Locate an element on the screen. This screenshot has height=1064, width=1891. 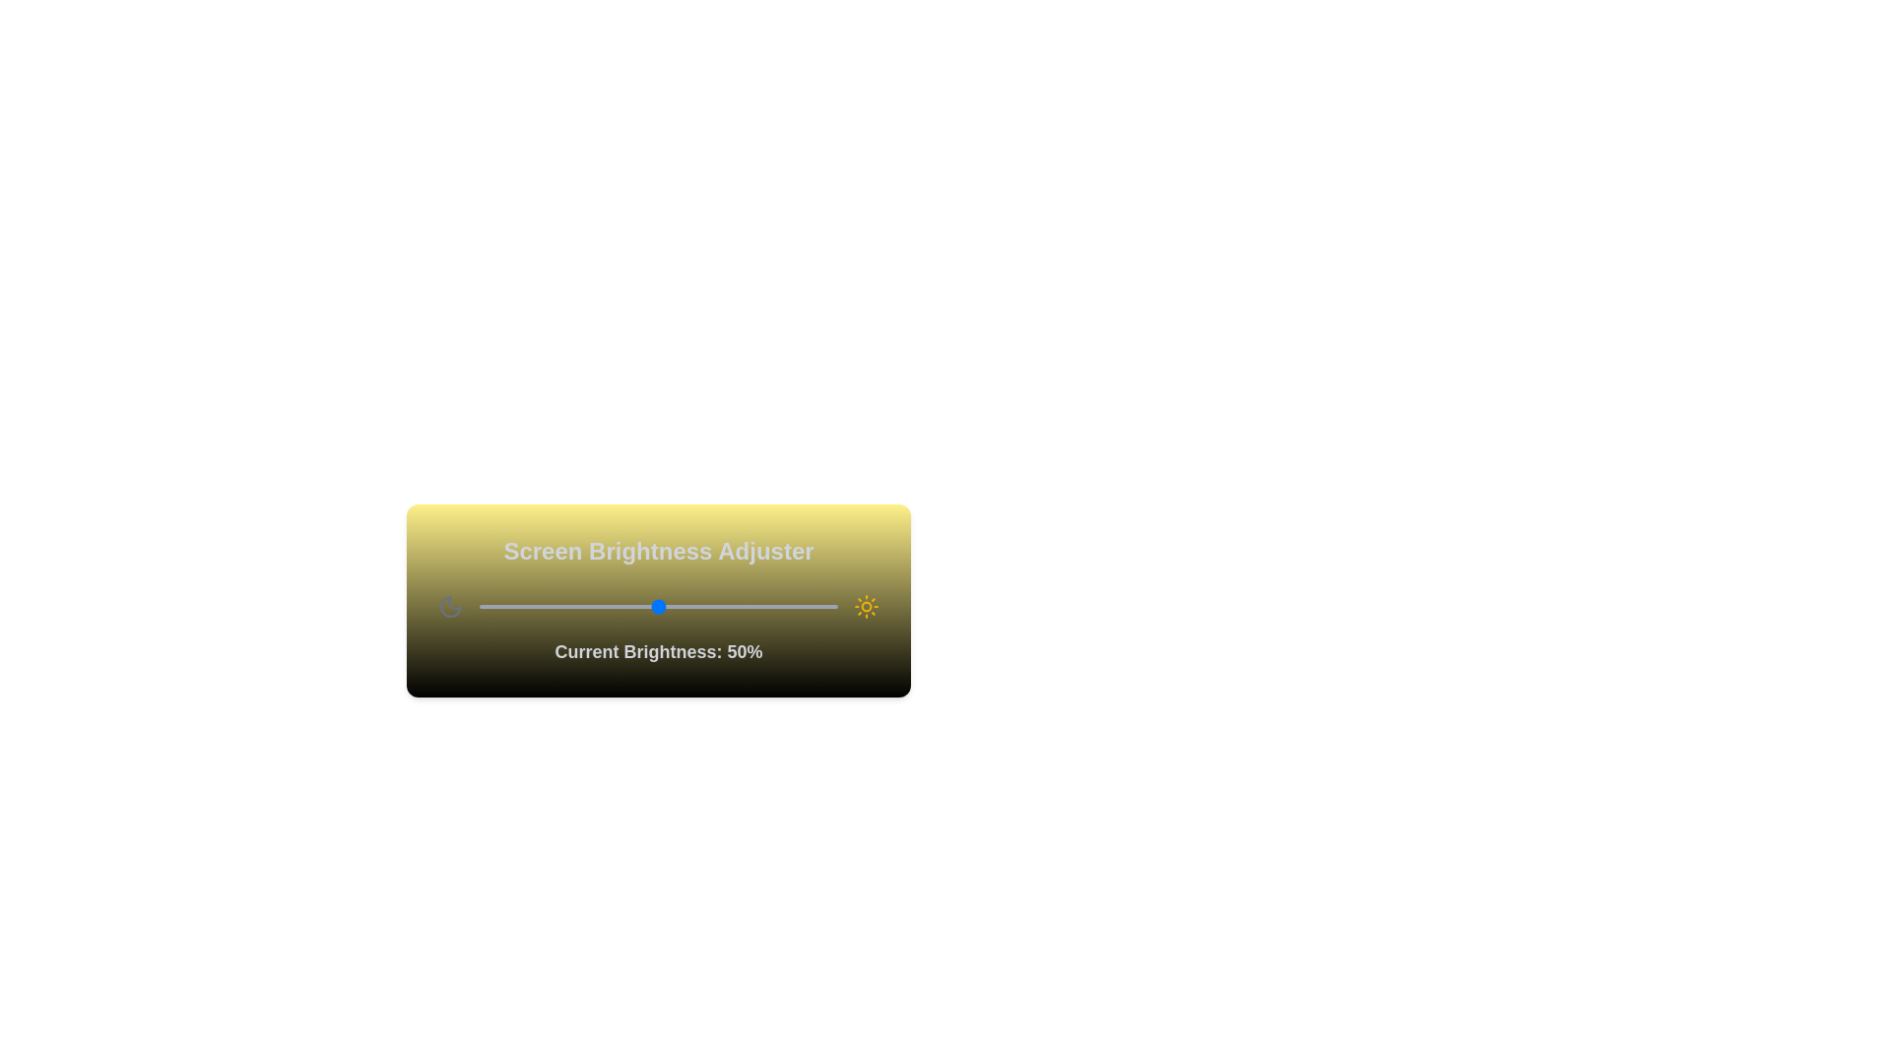
the brightness slider to 65% is located at coordinates (711, 606).